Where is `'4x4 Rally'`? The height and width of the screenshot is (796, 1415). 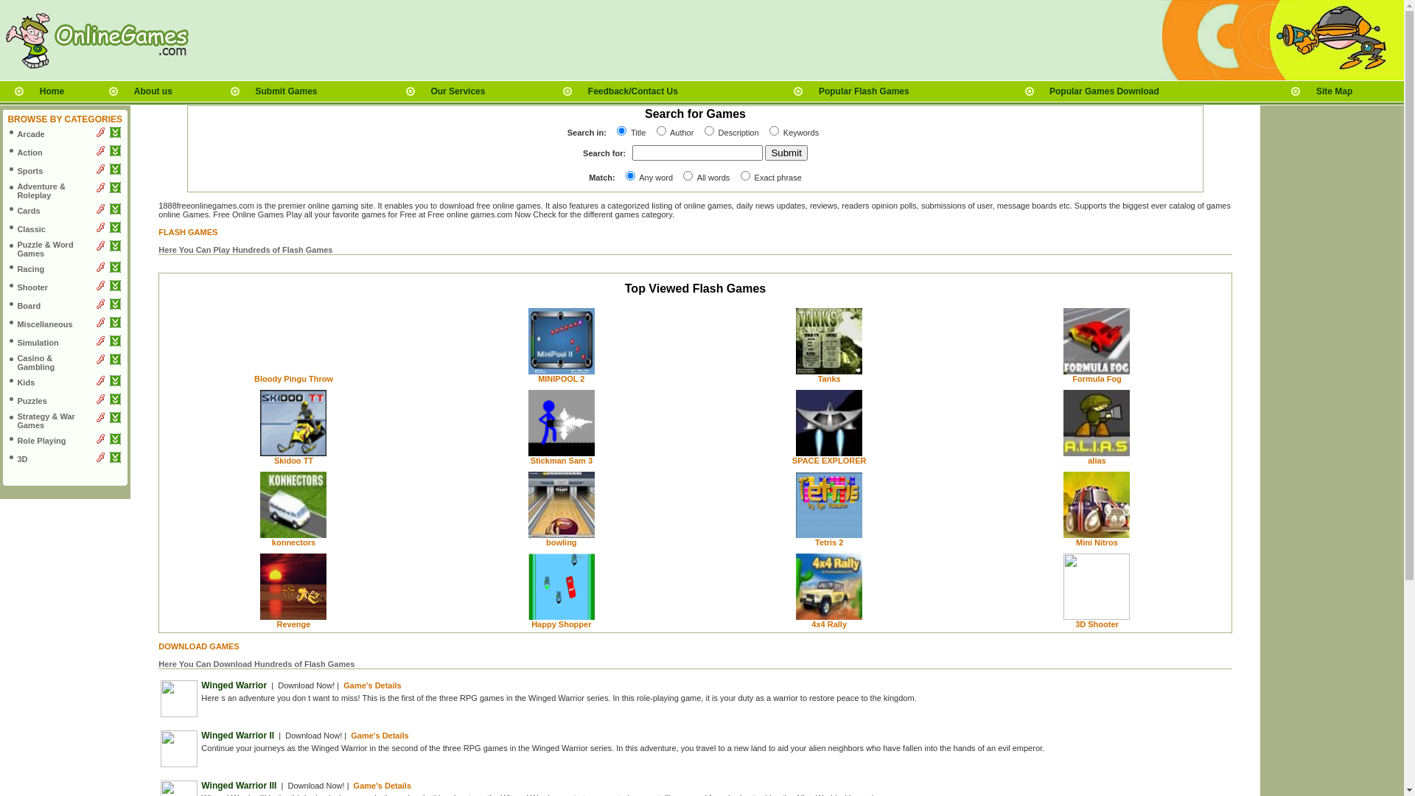
'4x4 Rally' is located at coordinates (828, 624).